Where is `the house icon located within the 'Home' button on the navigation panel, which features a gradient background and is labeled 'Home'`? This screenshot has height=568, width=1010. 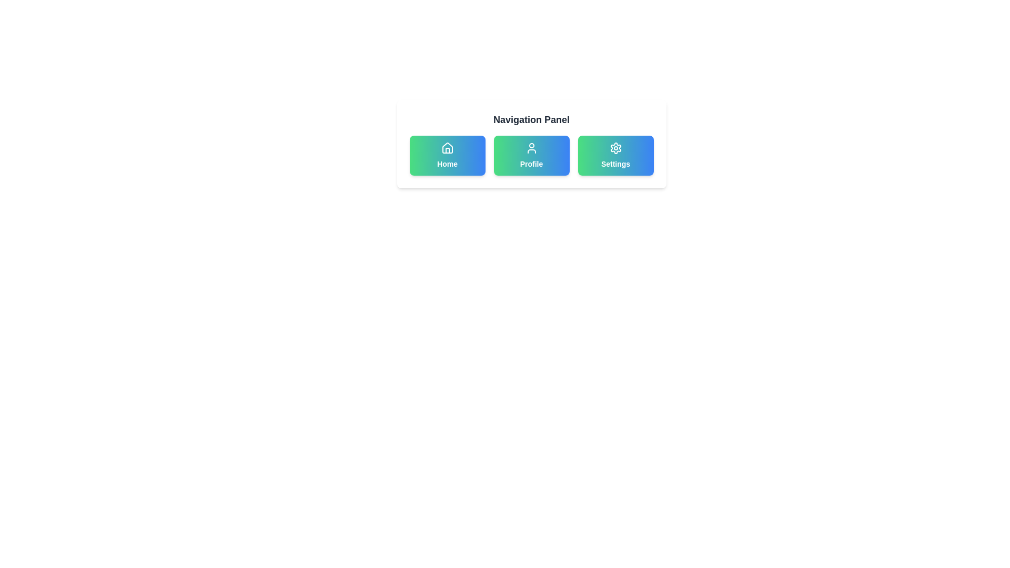
the house icon located within the 'Home' button on the navigation panel, which features a gradient background and is labeled 'Home' is located at coordinates (447, 148).